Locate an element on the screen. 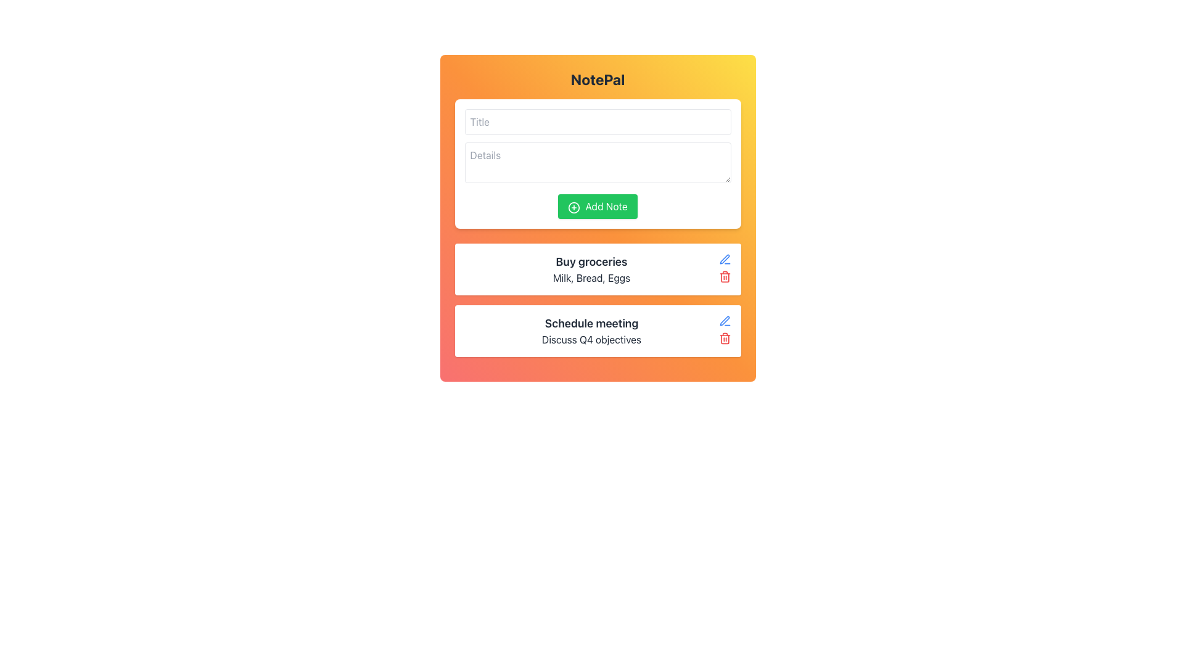 Image resolution: width=1184 pixels, height=666 pixels. the text element displaying 'Discuss Q4 objectives', which is centrally aligned below the 'Schedule meeting' title is located at coordinates (591, 340).